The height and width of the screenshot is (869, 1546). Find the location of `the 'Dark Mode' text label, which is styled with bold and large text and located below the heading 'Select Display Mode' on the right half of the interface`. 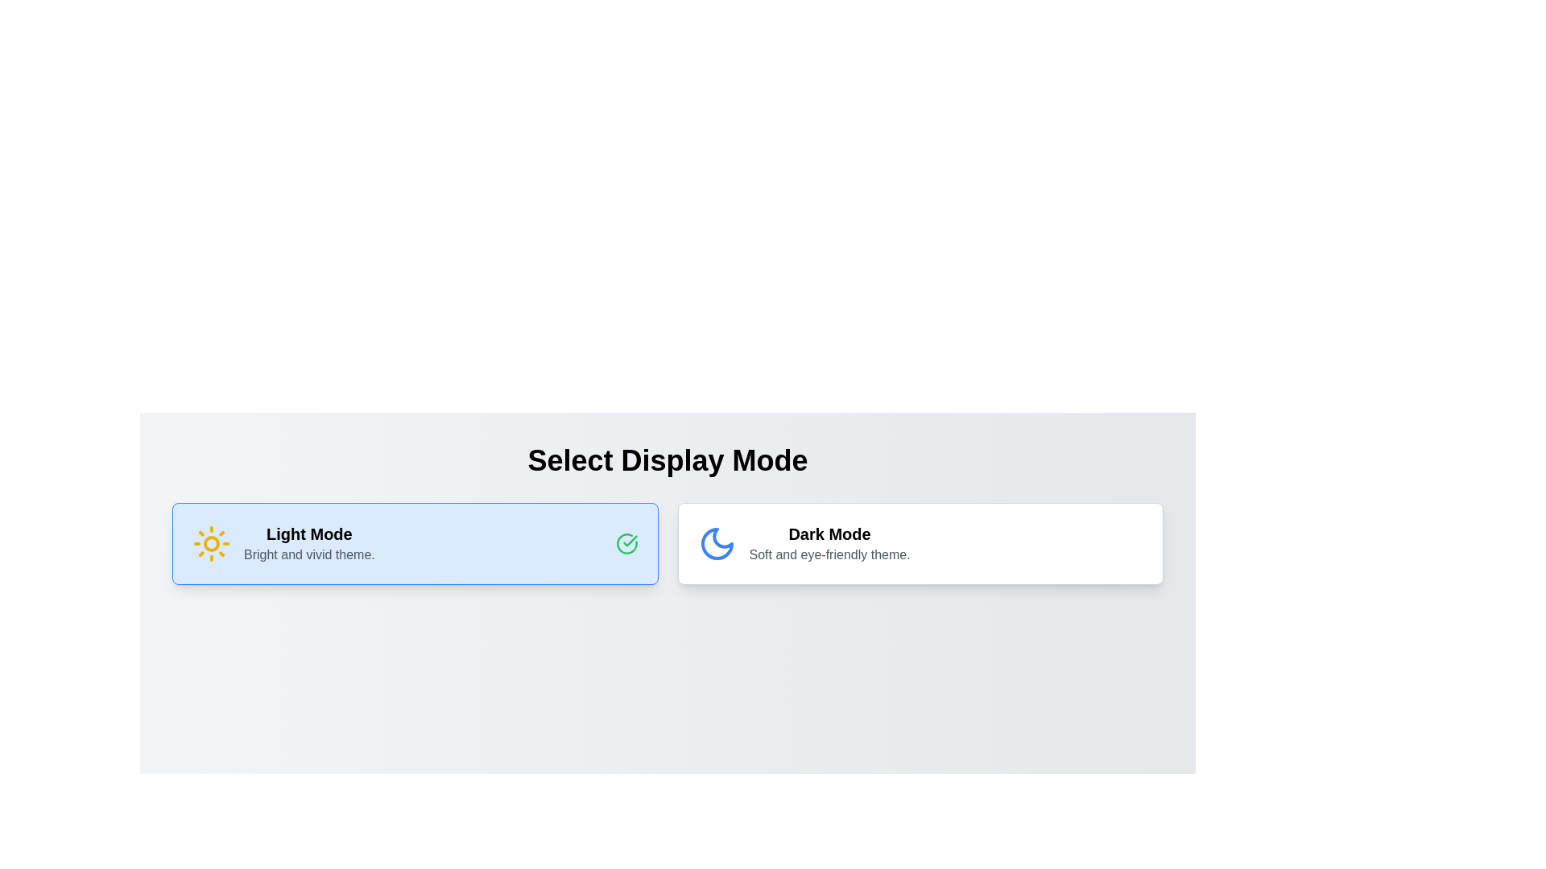

the 'Dark Mode' text label, which is styled with bold and large text and located below the heading 'Select Display Mode' on the right half of the interface is located at coordinates (829, 533).